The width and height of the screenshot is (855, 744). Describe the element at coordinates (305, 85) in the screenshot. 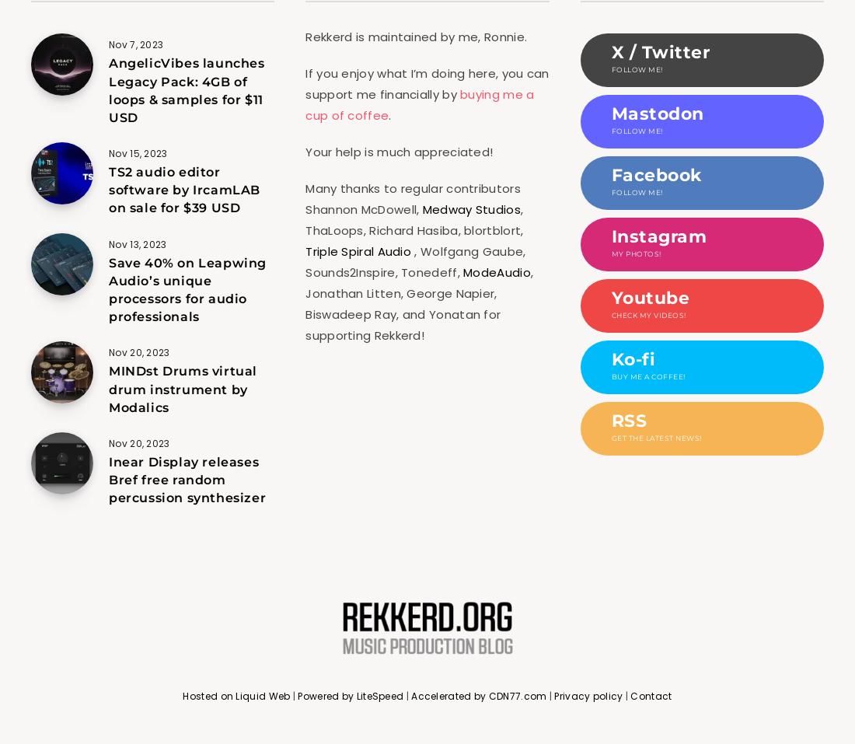

I see `'If you enjoy what I’m doing here, you can support me financially by'` at that location.